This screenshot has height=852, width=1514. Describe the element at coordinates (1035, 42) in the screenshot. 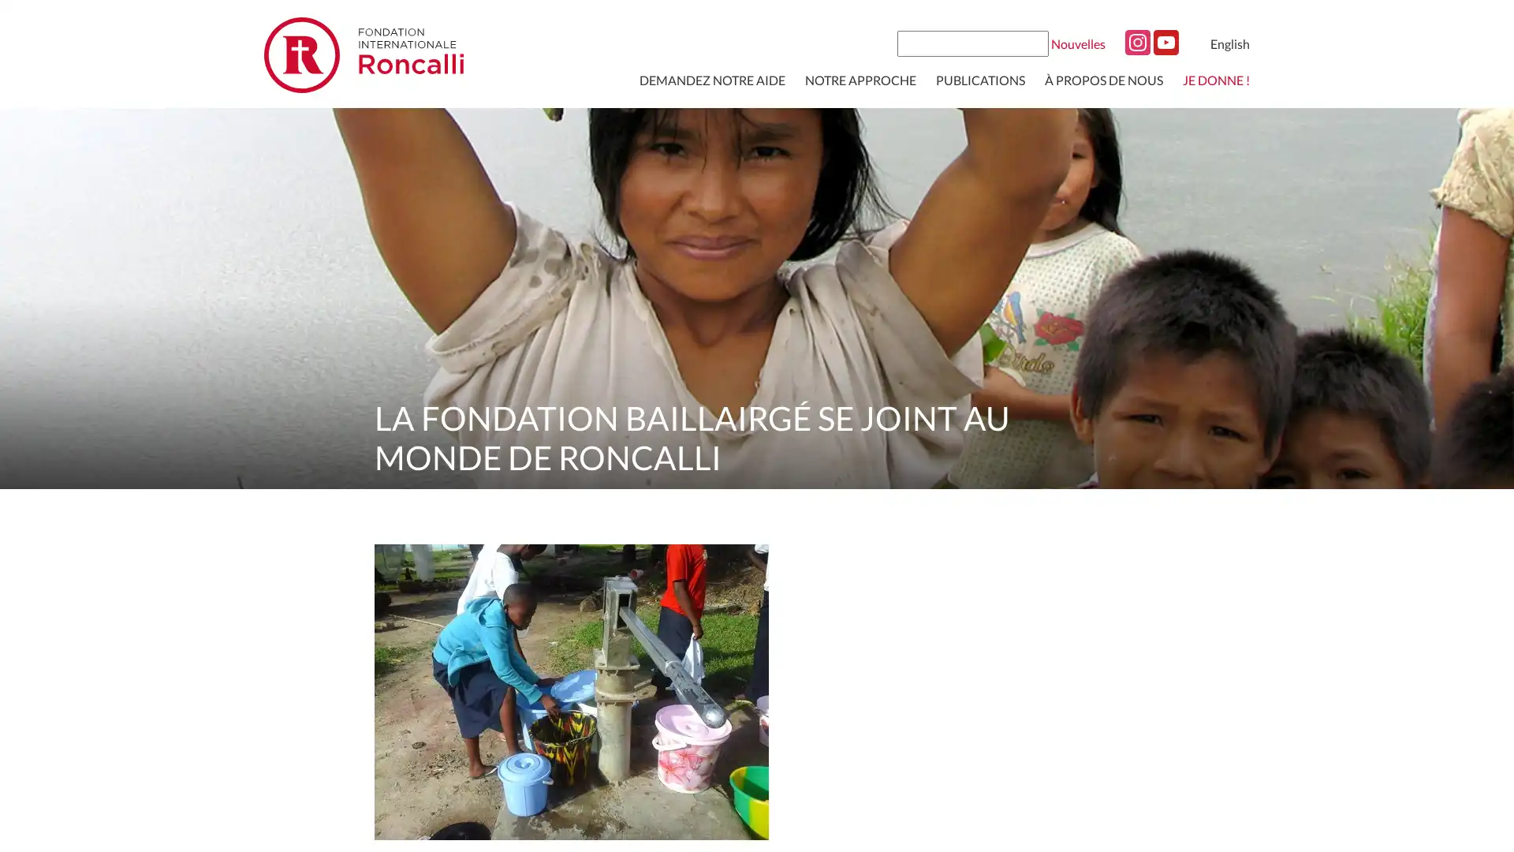

I see `Chercher` at that location.